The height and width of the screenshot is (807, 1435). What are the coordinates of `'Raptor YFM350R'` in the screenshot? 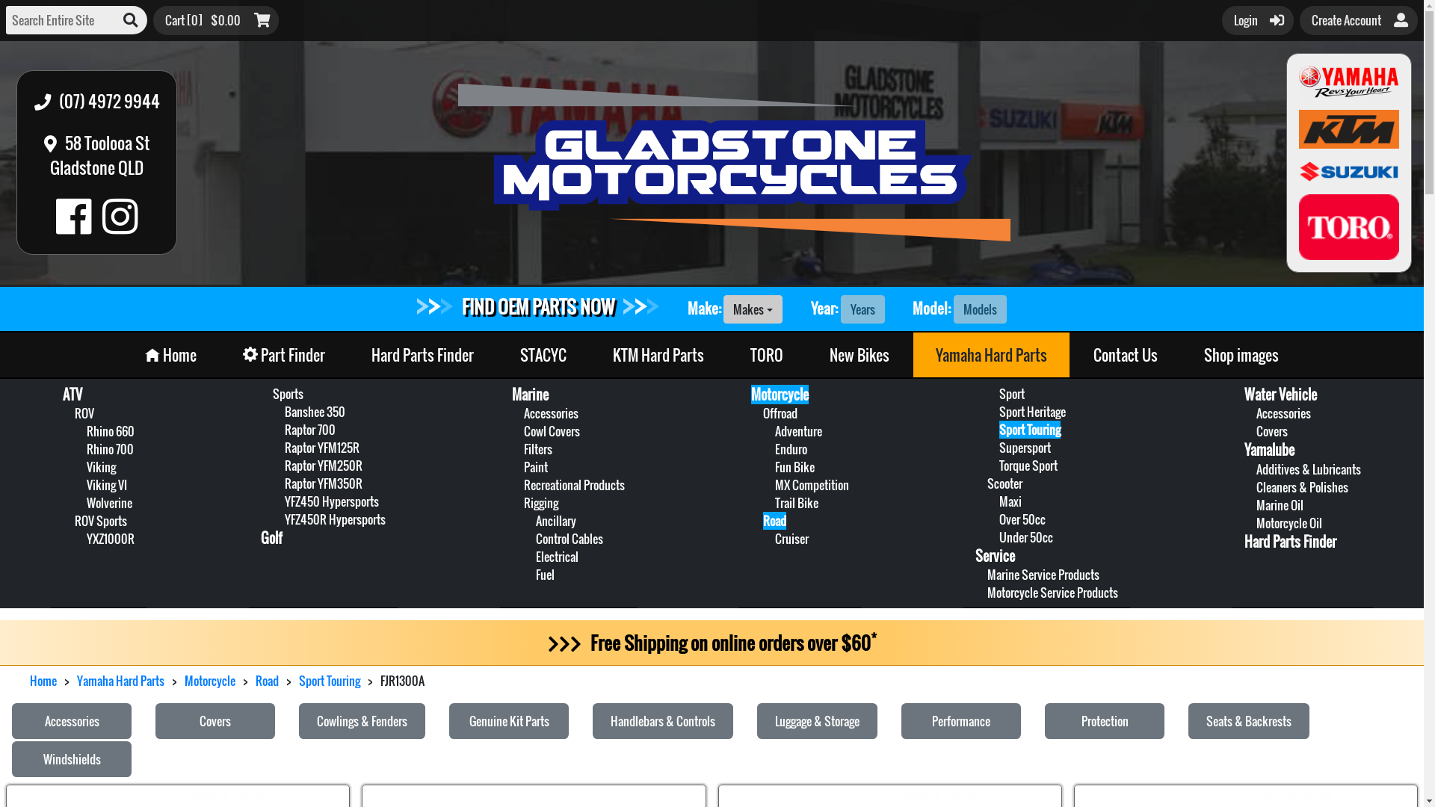 It's located at (322, 483).